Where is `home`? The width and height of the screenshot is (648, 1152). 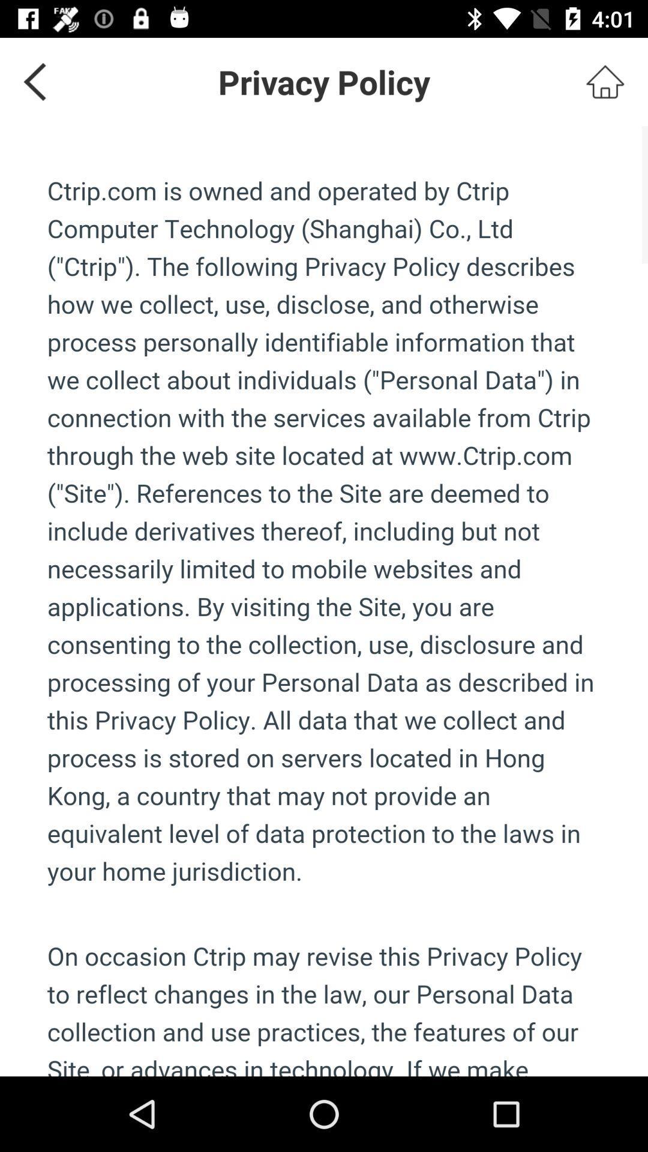
home is located at coordinates (605, 81).